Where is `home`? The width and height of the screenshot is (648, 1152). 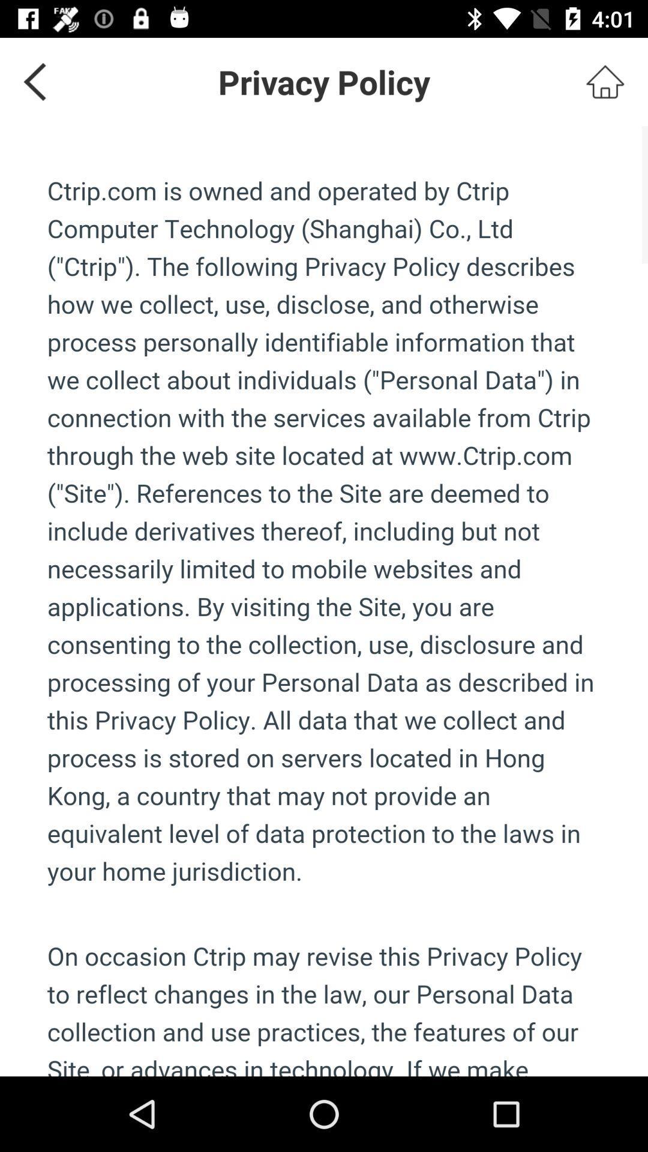
home is located at coordinates (605, 81).